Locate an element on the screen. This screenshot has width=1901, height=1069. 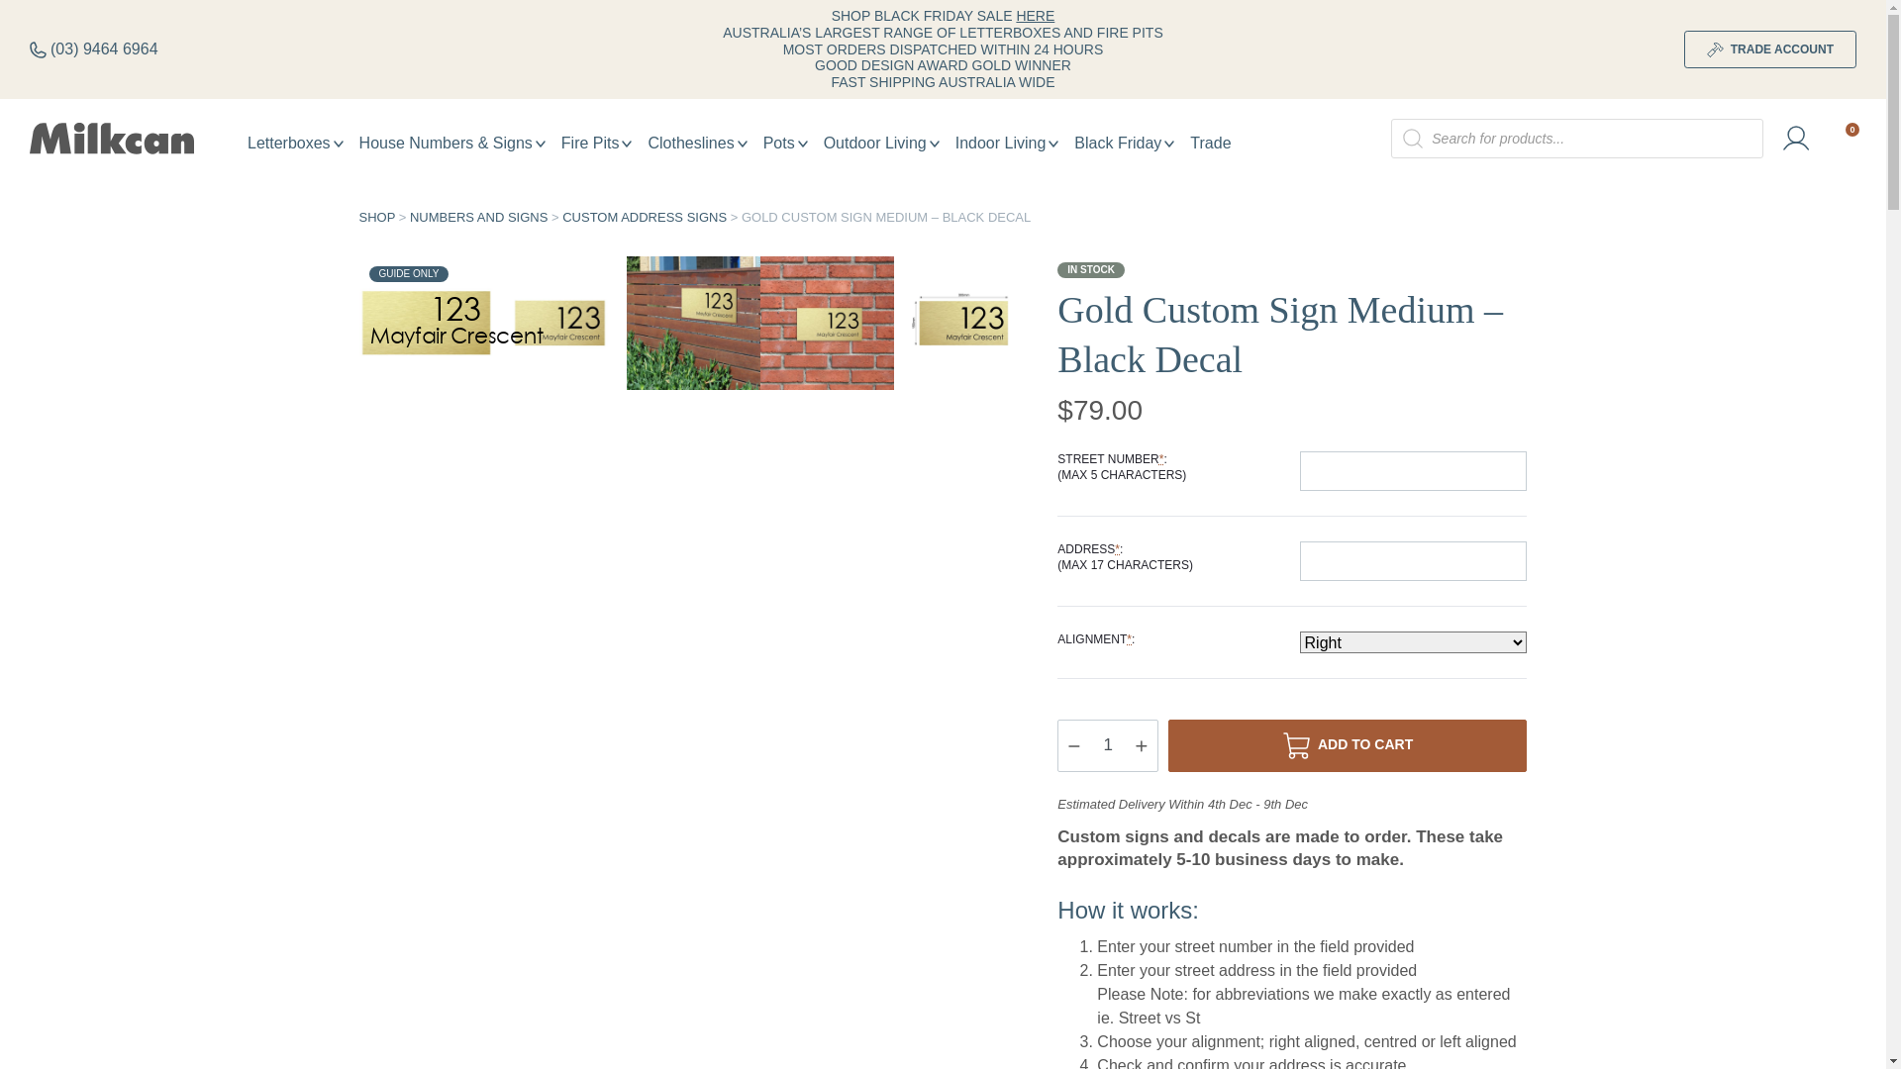
'Letterboxes' is located at coordinates (294, 142).